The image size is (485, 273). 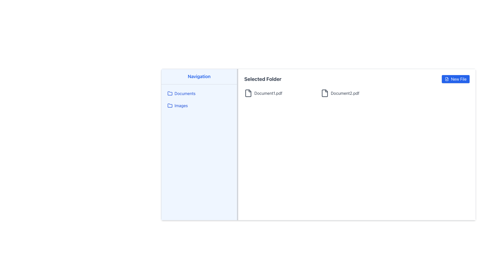 I want to click on the file icon resembling a document next to the text label 'Document2.pdf', so click(x=325, y=93).